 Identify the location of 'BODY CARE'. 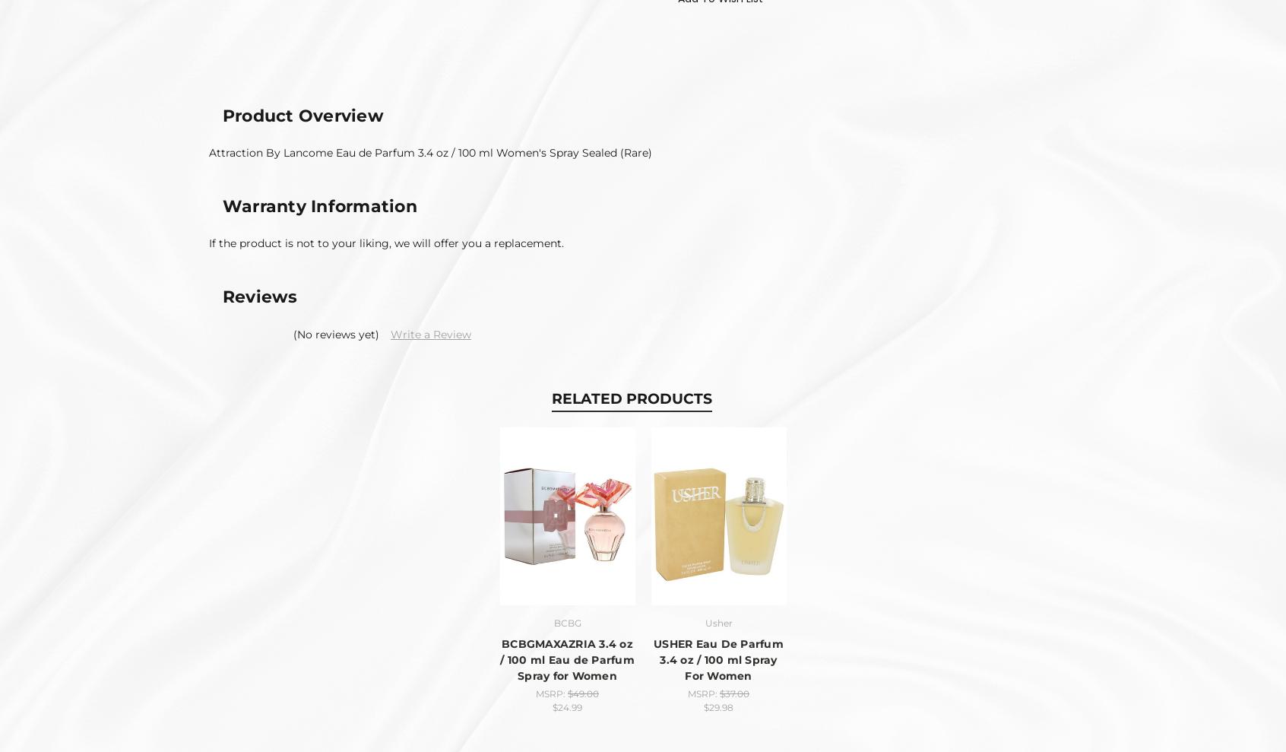
(451, 427).